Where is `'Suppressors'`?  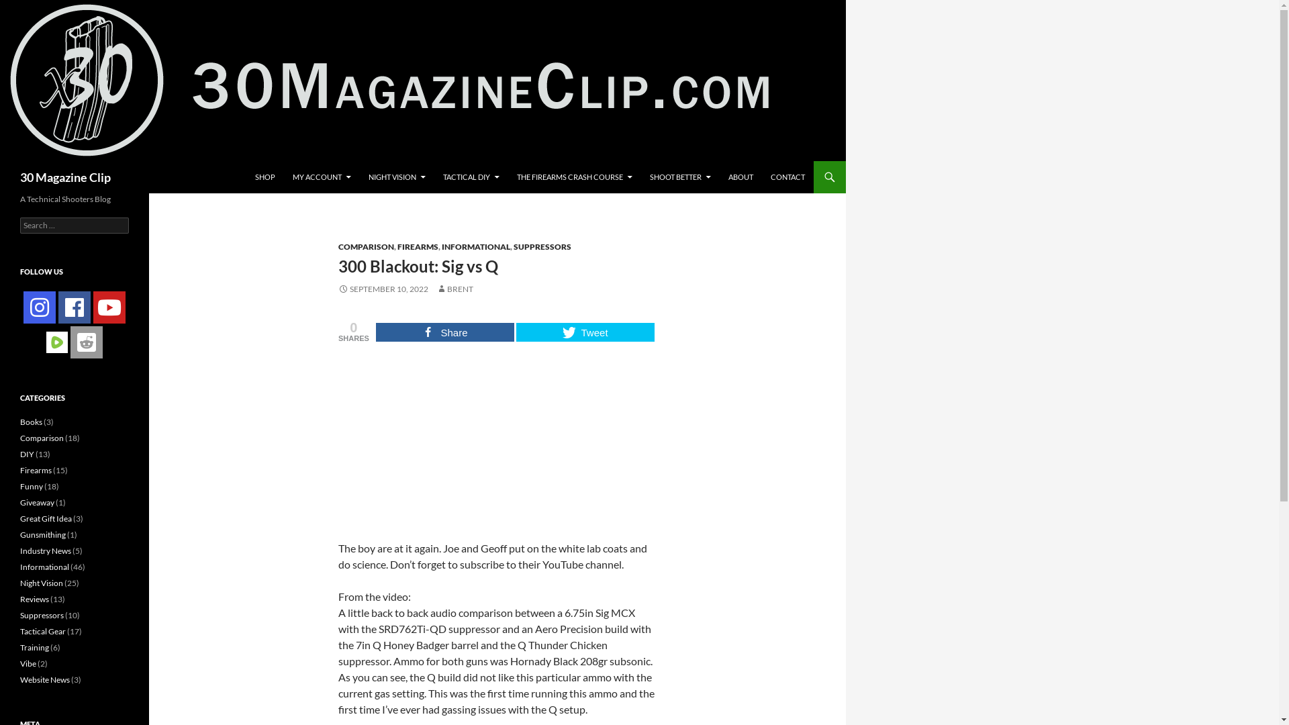
'Suppressors' is located at coordinates (42, 615).